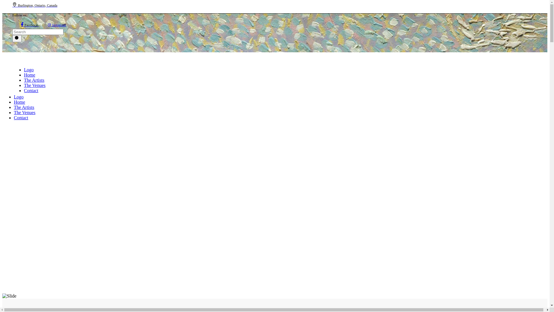 This screenshot has height=312, width=554. Describe the element at coordinates (23, 80) in the screenshot. I see `'The Artists'` at that location.